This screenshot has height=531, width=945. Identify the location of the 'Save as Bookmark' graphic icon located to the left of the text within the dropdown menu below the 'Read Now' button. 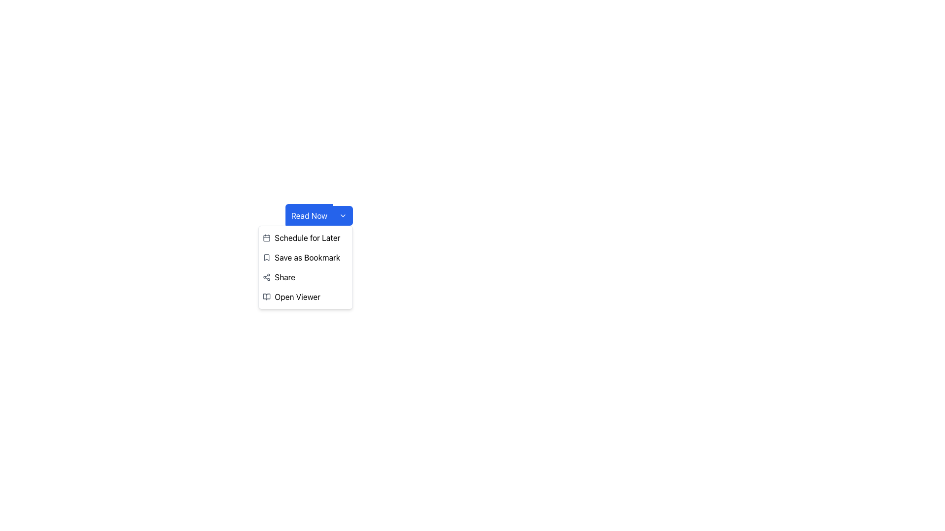
(267, 257).